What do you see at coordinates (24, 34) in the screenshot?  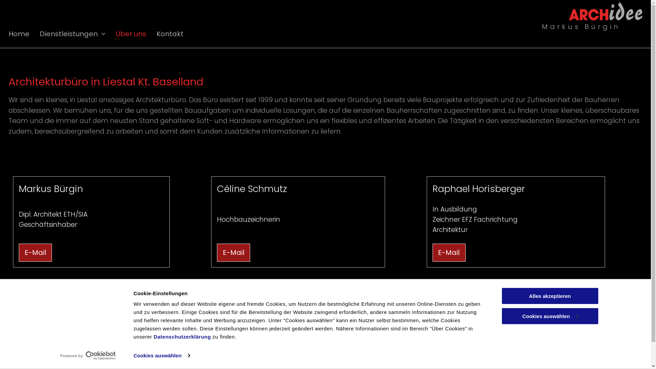 I see `'Home'` at bounding box center [24, 34].